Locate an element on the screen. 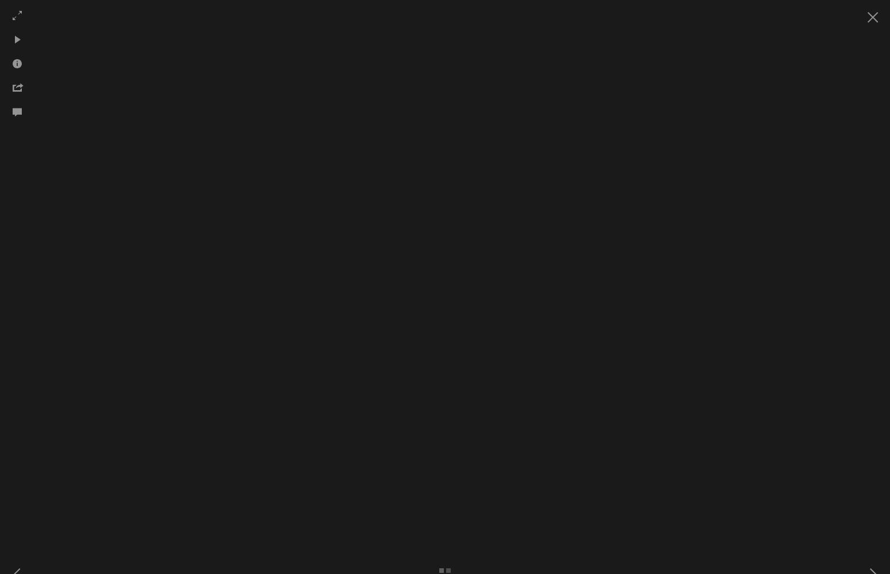  'Spiders' is located at coordinates (502, 132).